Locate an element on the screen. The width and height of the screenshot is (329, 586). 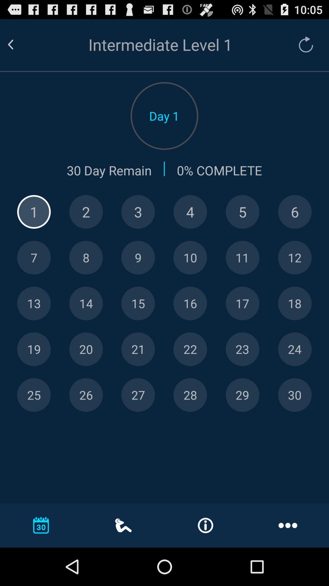
this date is located at coordinates (242, 349).